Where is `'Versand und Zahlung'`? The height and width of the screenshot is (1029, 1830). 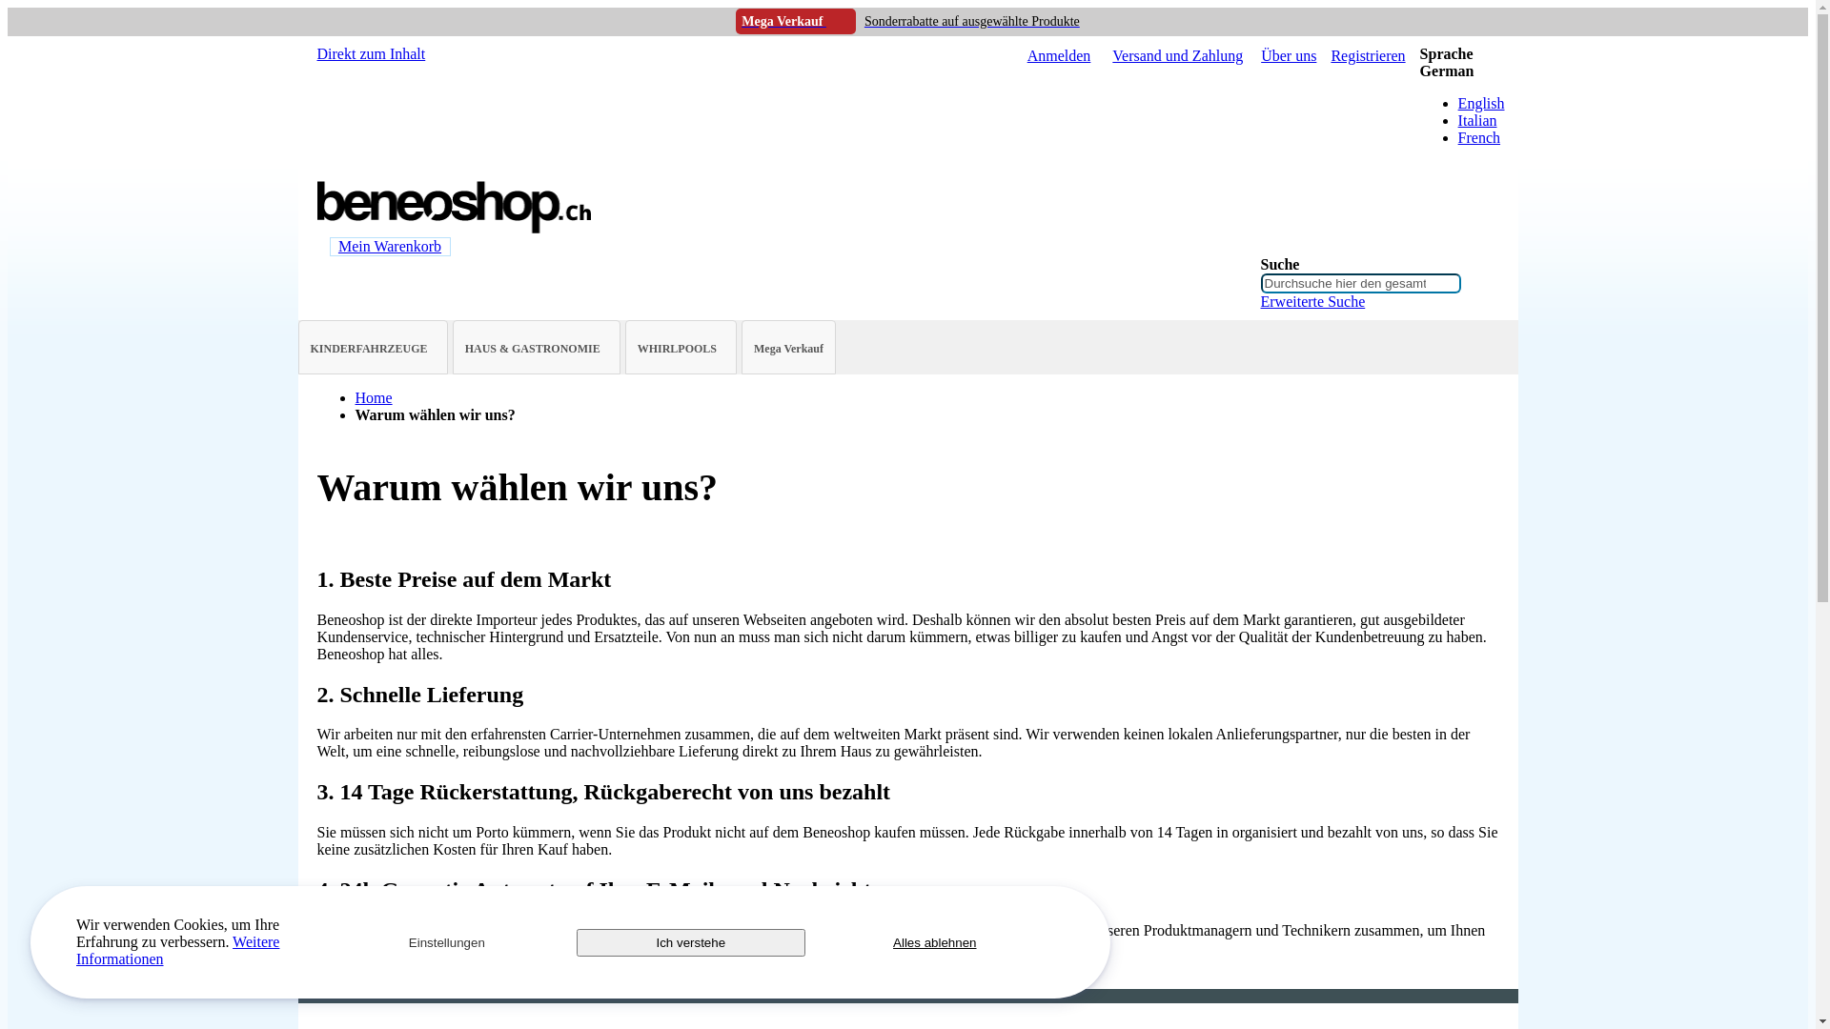 'Versand und Zahlung' is located at coordinates (1176, 54).